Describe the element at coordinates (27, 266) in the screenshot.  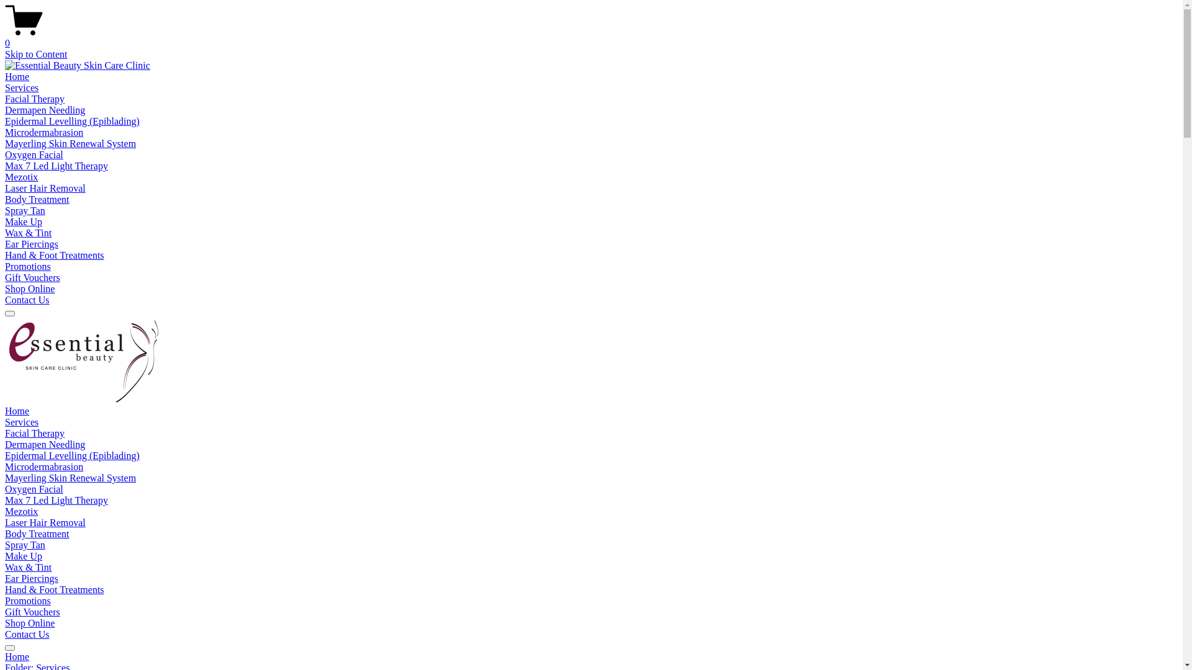
I see `'Promotions'` at that location.